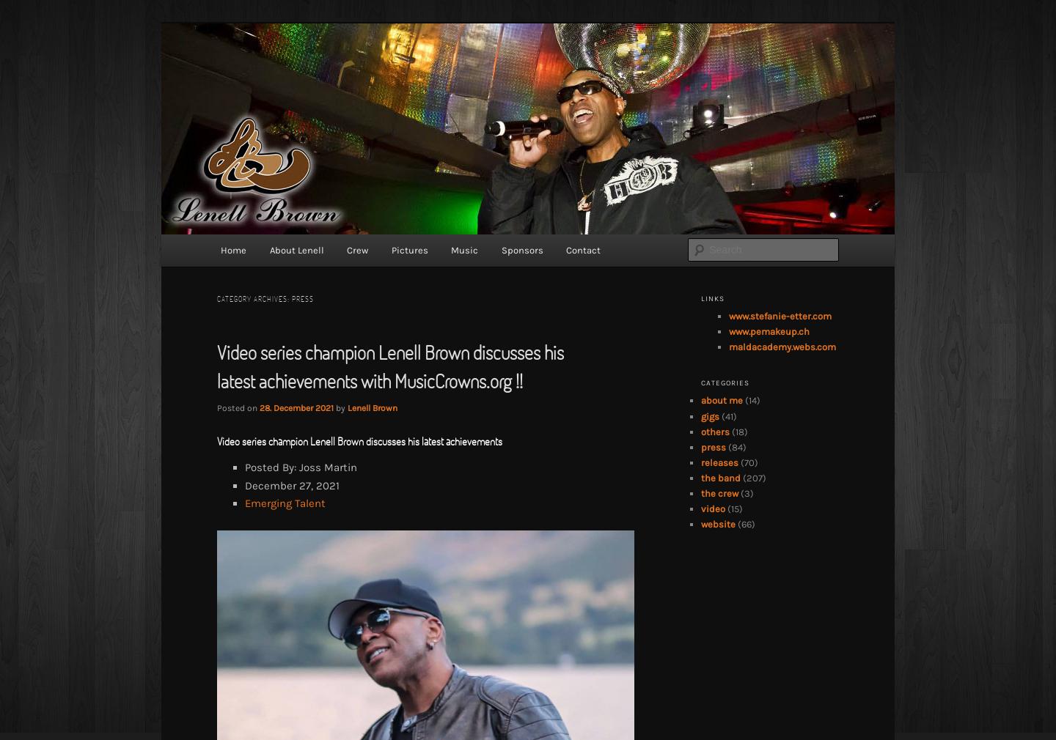 This screenshot has width=1056, height=740. Describe the element at coordinates (216, 298) in the screenshot. I see `'Category Archives:'` at that location.